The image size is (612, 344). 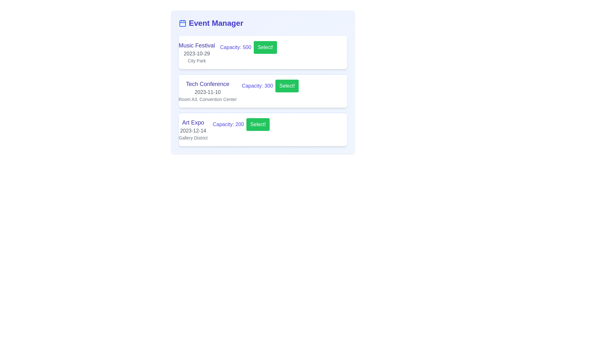 I want to click on the second 'Select!' button located to the right of the 'Capacity: 300' label under the 'Tech Conference' event to trigger a possible styling change, so click(x=287, y=86).